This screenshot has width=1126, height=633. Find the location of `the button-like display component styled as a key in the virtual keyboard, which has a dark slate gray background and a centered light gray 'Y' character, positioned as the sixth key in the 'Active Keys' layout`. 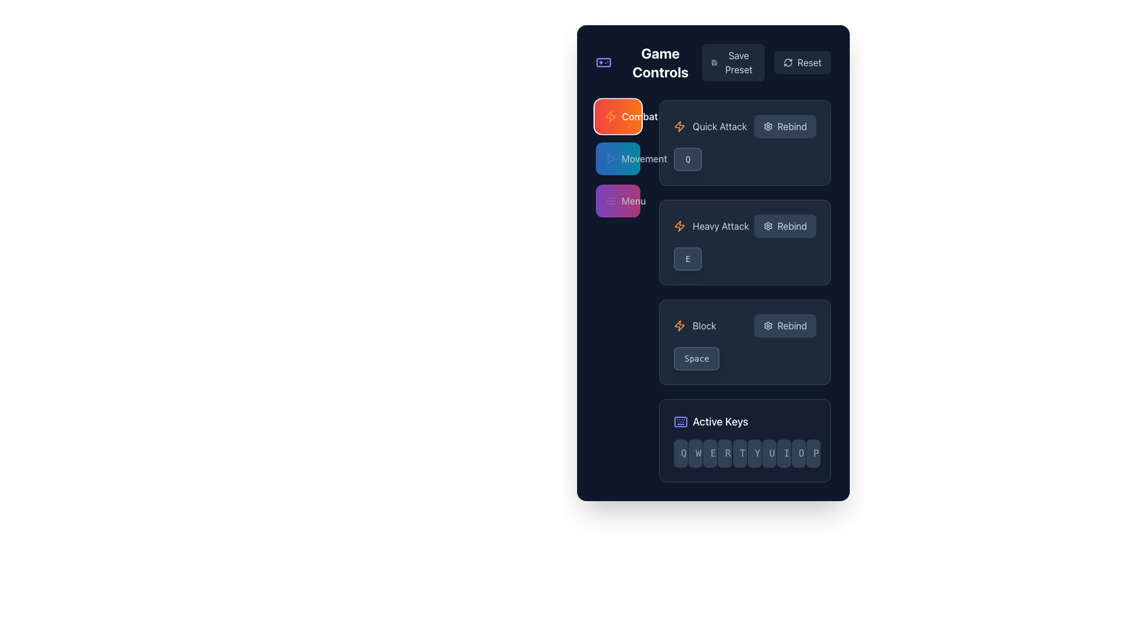

the button-like display component styled as a key in the virtual keyboard, which has a dark slate gray background and a centered light gray 'Y' character, positioned as the sixth key in the 'Active Keys' layout is located at coordinates (754, 453).